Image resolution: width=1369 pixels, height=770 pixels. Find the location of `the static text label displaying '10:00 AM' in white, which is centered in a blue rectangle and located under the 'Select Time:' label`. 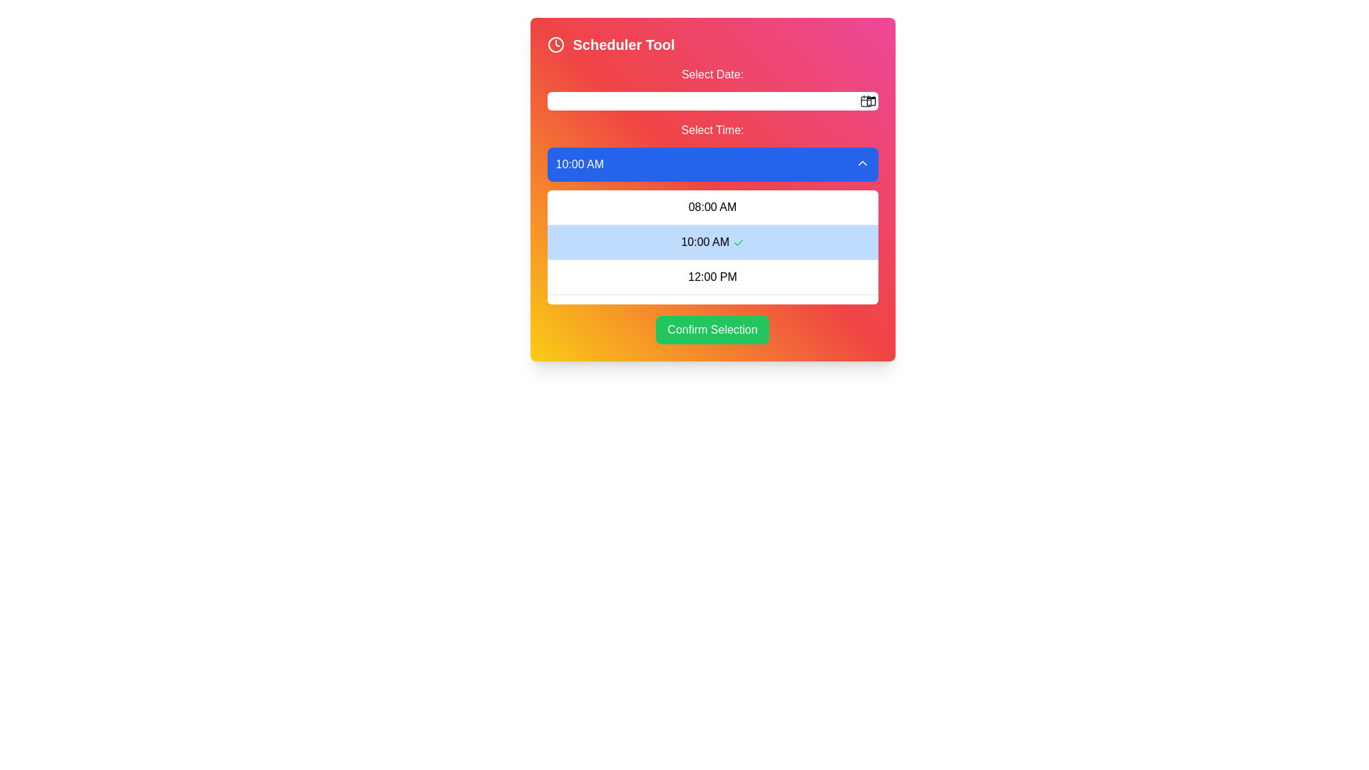

the static text label displaying '10:00 AM' in white, which is centered in a blue rectangle and located under the 'Select Time:' label is located at coordinates (580, 164).